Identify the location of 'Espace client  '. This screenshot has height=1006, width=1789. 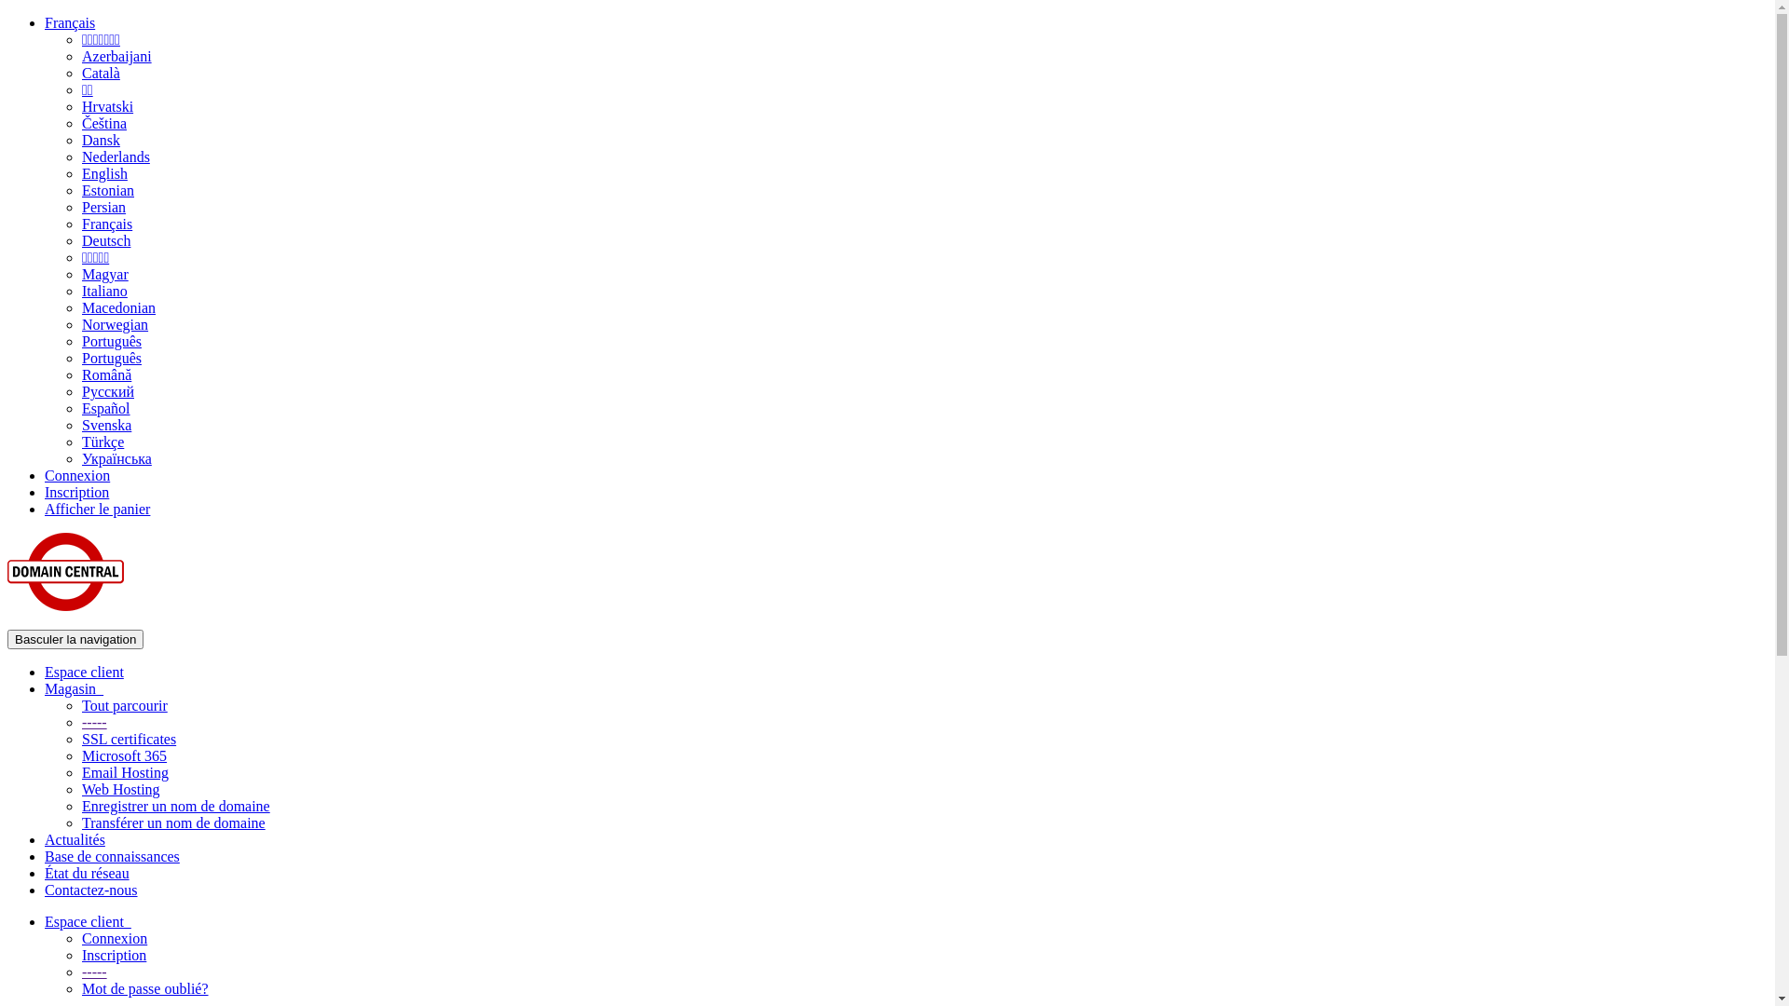
(87, 920).